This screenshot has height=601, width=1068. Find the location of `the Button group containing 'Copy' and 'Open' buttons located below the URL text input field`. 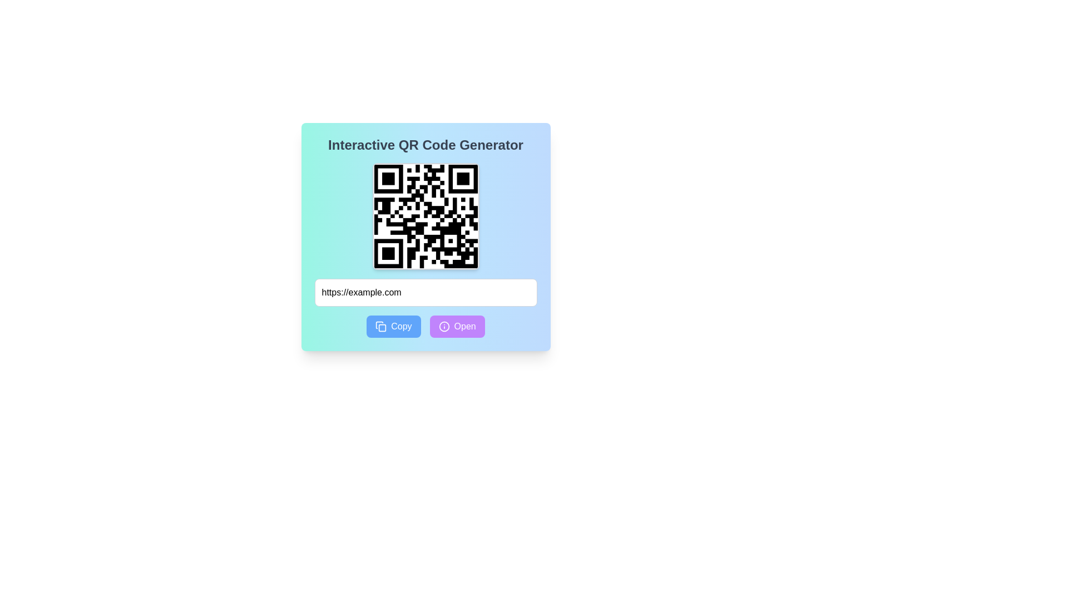

the Button group containing 'Copy' and 'Open' buttons located below the URL text input field is located at coordinates (425, 326).